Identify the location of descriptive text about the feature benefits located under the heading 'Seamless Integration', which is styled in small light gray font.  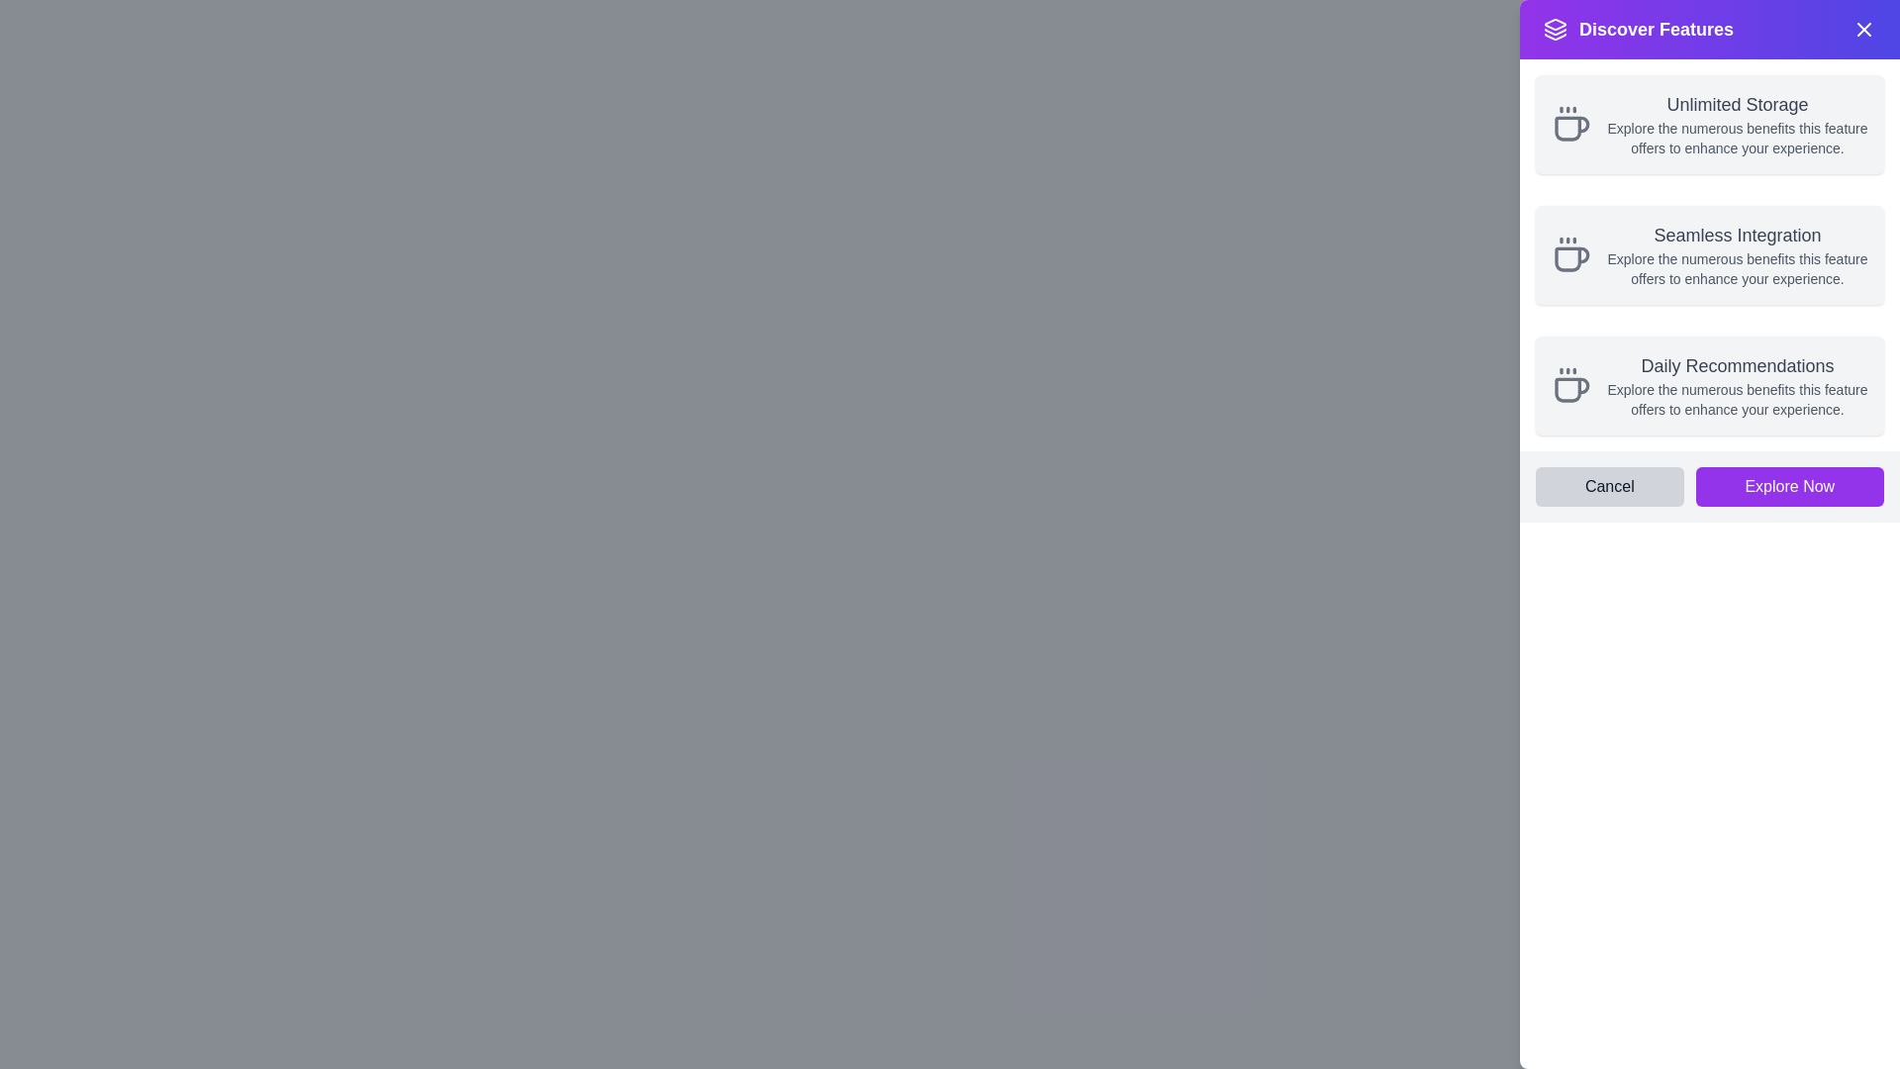
(1737, 269).